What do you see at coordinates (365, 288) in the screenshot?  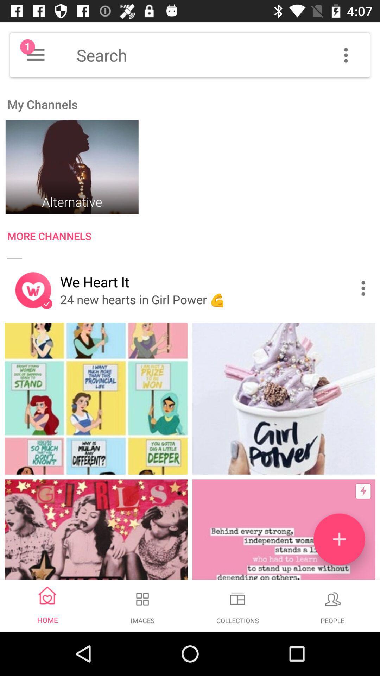 I see `the item below more channels item` at bounding box center [365, 288].